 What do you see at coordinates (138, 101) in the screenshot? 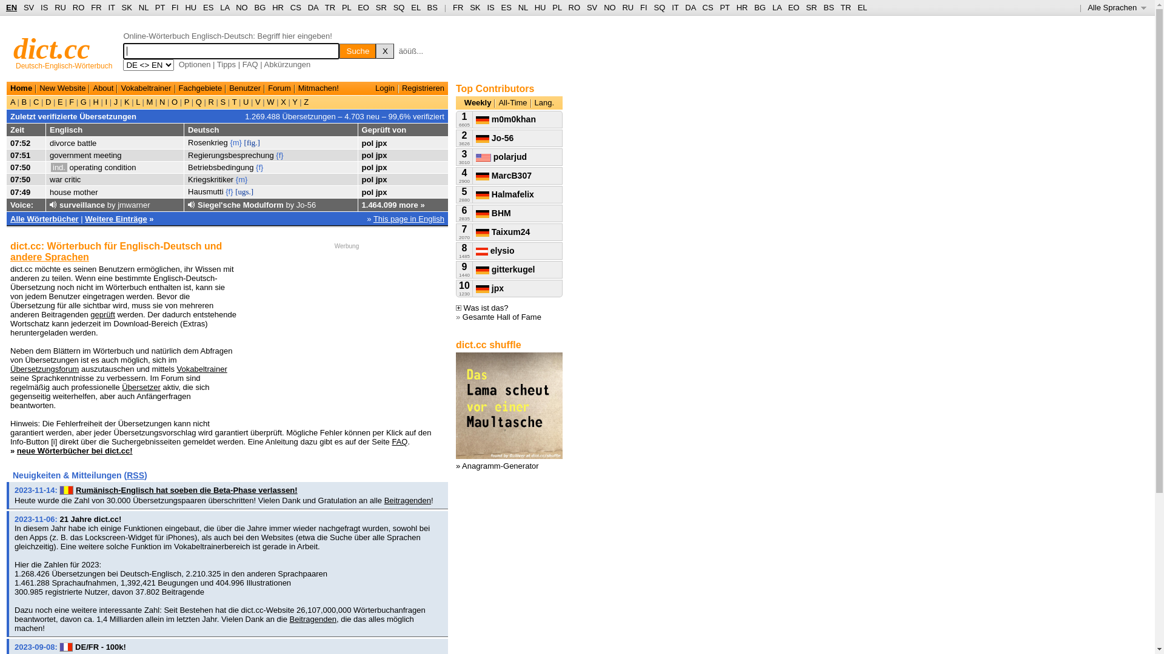
I see `'L'` at bounding box center [138, 101].